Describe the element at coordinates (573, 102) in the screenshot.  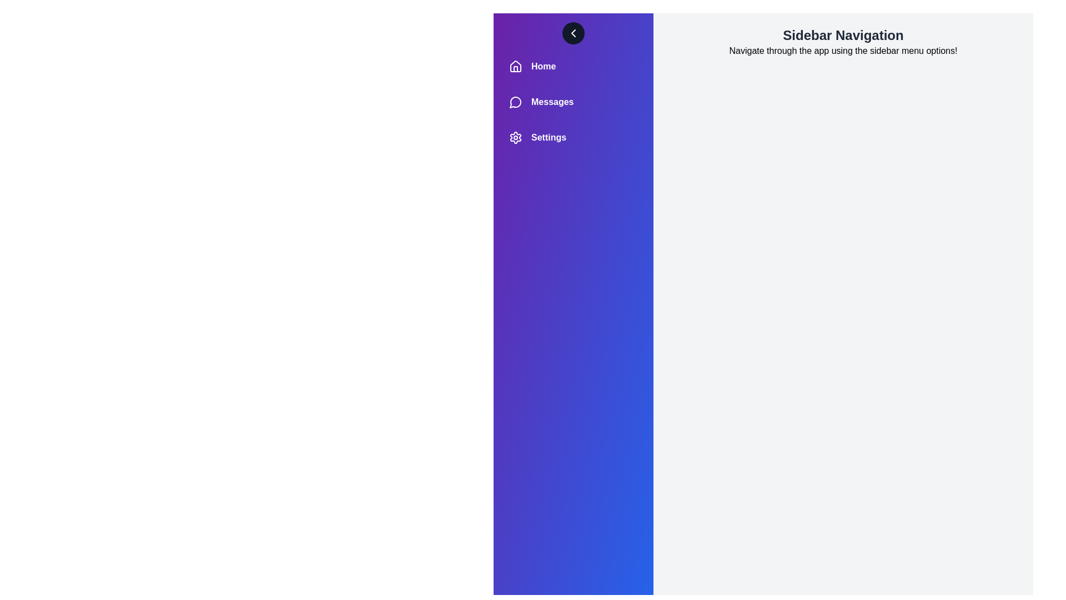
I see `the 'Messages' menu item in the sidebar` at that location.